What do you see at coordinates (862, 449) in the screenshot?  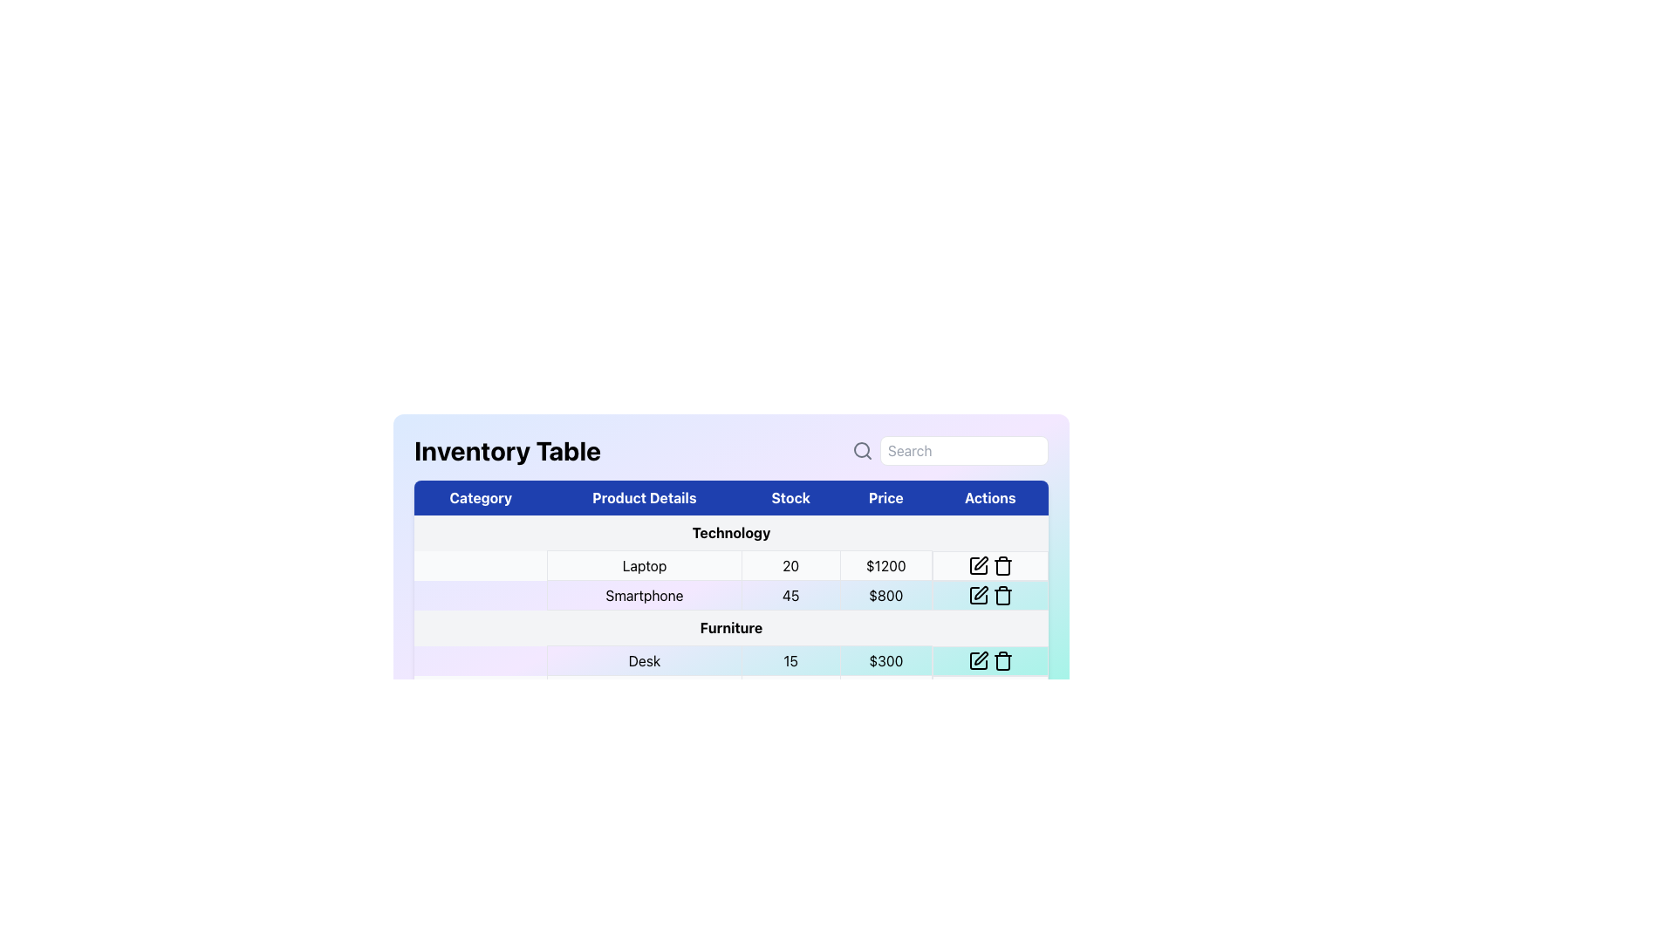 I see `the magnifying glass icon, which has a circular body and a handle, located in the header section above the 'Inventory Table'` at bounding box center [862, 449].